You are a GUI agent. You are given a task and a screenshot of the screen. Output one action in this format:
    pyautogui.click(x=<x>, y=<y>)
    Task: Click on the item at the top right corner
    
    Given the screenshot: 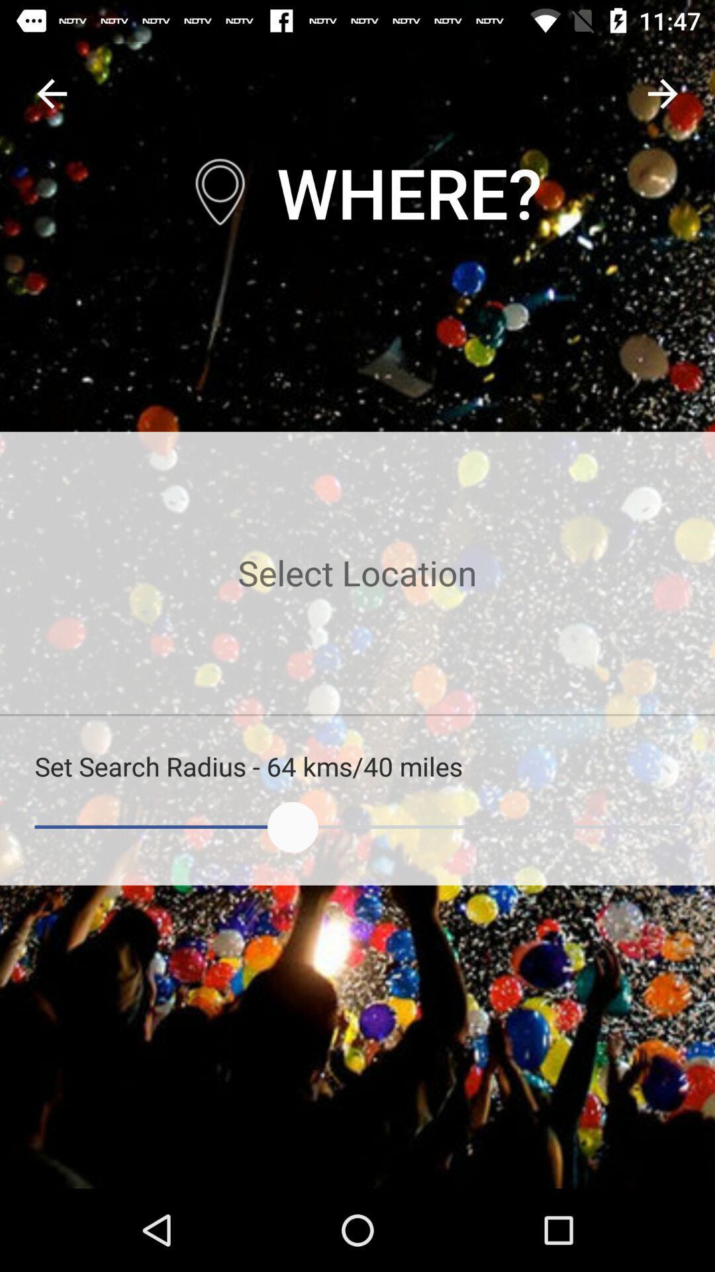 What is the action you would take?
    pyautogui.click(x=663, y=93)
    